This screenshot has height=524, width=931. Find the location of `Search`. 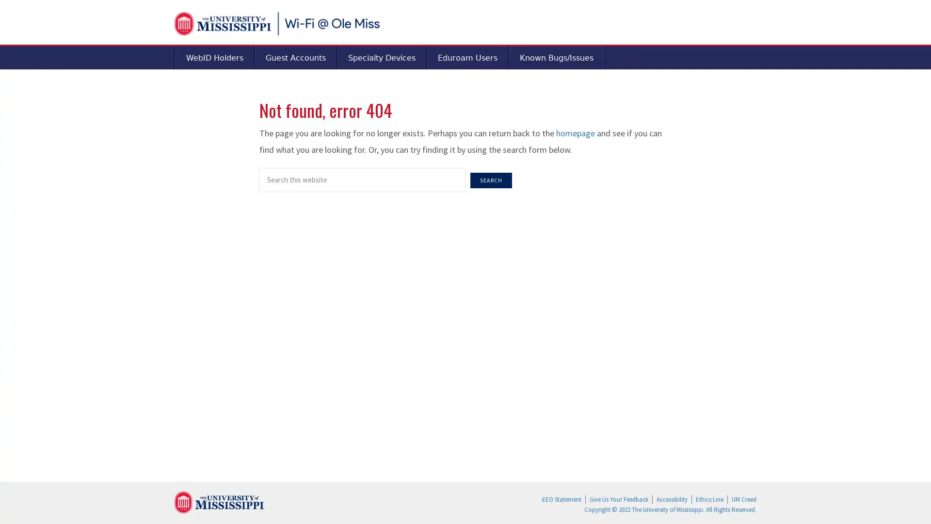

Search is located at coordinates (491, 180).